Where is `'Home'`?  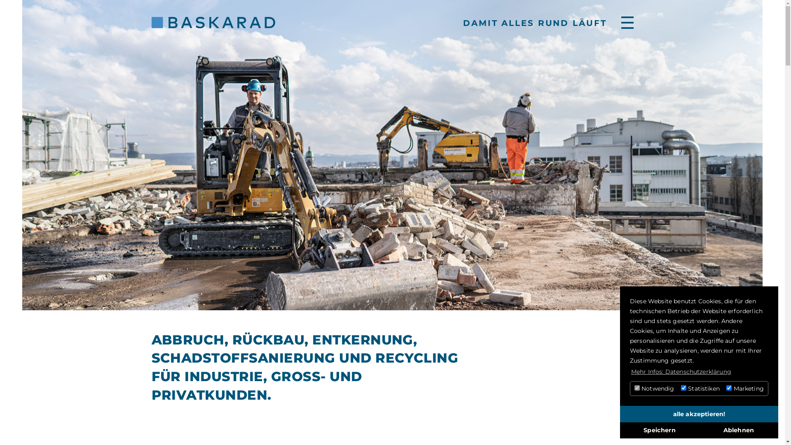
'Home' is located at coordinates (152, 22).